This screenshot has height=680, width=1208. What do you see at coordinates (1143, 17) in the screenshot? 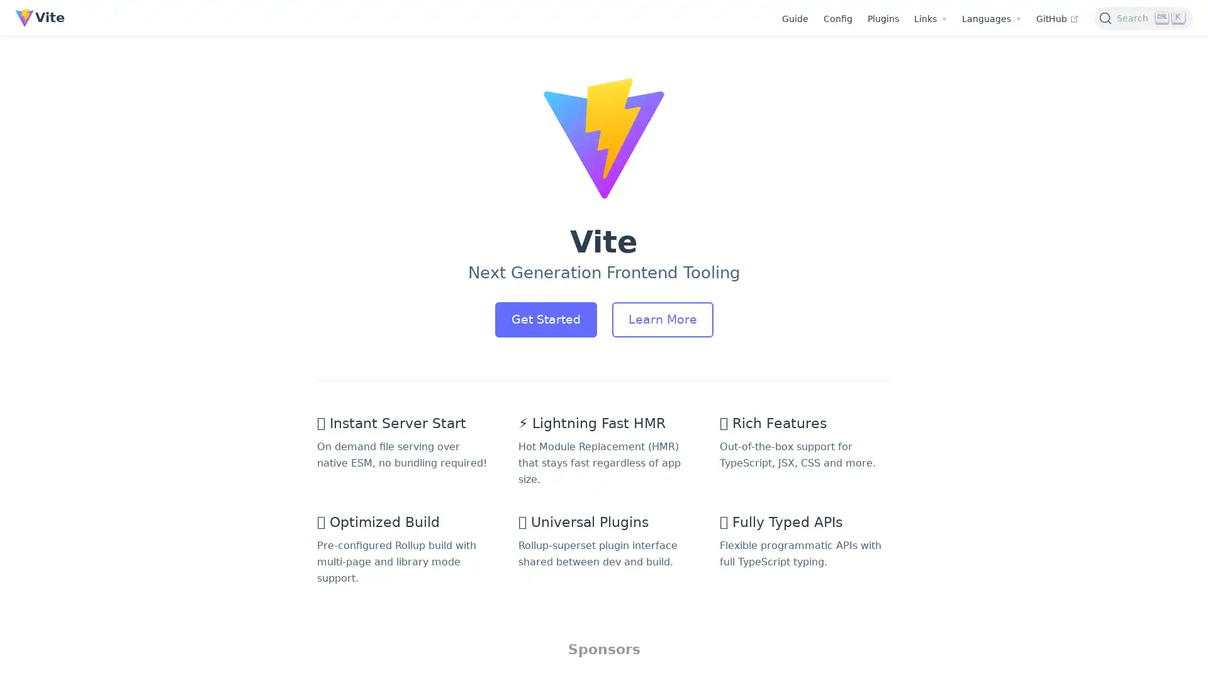
I see `Search` at bounding box center [1143, 17].